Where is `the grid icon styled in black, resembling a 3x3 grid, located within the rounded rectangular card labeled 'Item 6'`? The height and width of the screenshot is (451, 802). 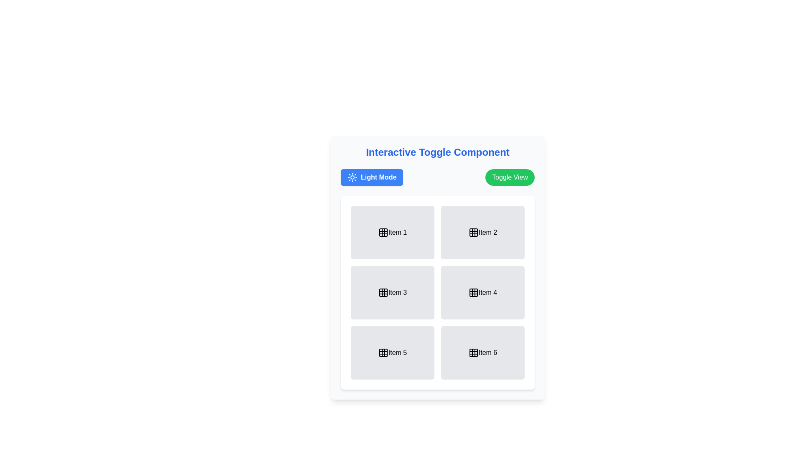
the grid icon styled in black, resembling a 3x3 grid, located within the rounded rectangular card labeled 'Item 6' is located at coordinates (473, 352).